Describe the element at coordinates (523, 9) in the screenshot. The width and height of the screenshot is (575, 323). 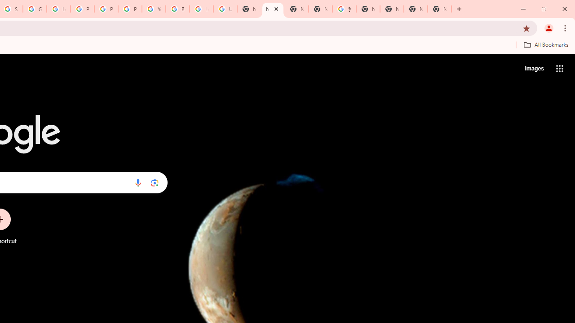
I see `'Minimize'` at that location.